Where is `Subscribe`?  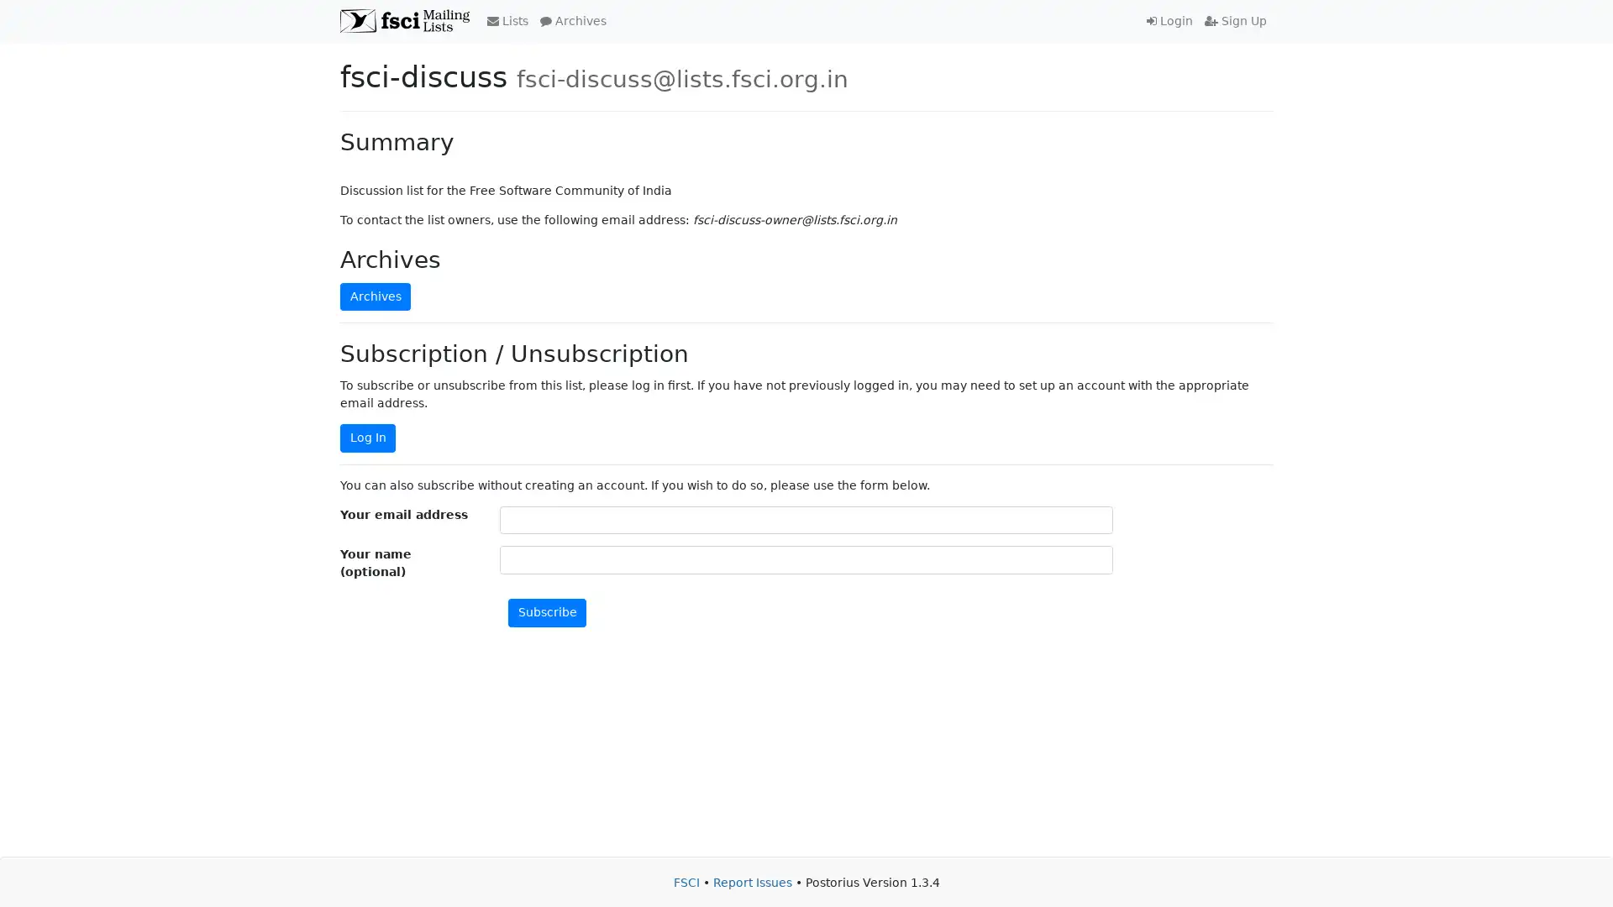 Subscribe is located at coordinates (547, 612).